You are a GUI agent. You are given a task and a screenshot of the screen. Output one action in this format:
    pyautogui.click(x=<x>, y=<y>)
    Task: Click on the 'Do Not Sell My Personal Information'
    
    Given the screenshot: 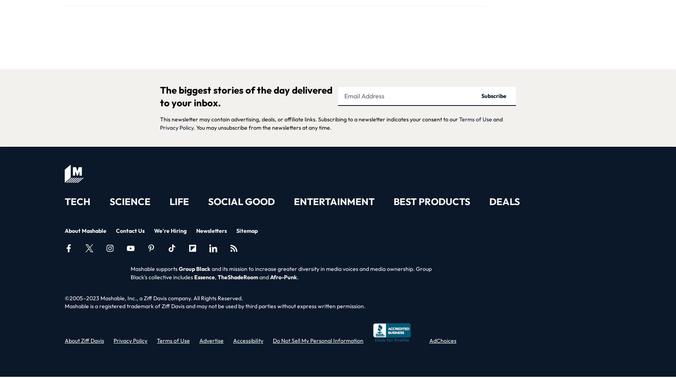 What is the action you would take?
    pyautogui.click(x=317, y=341)
    